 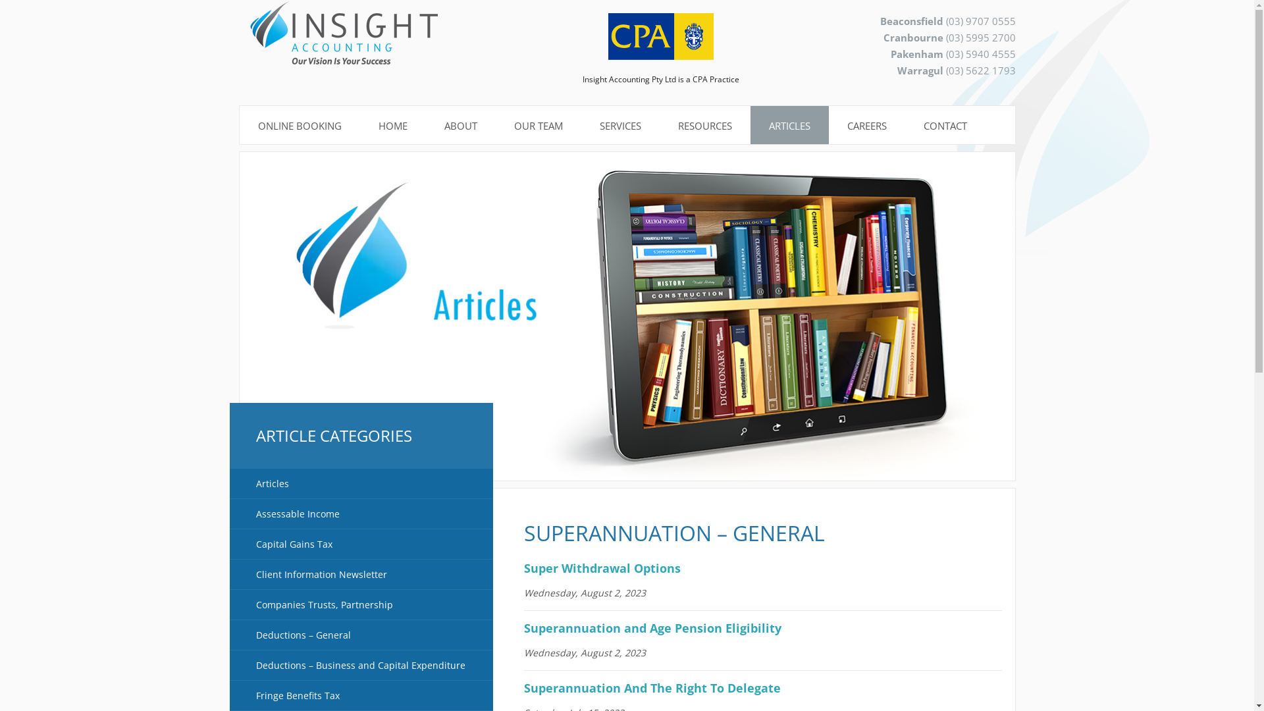 What do you see at coordinates (360, 513) in the screenshot?
I see `'Assessable Income'` at bounding box center [360, 513].